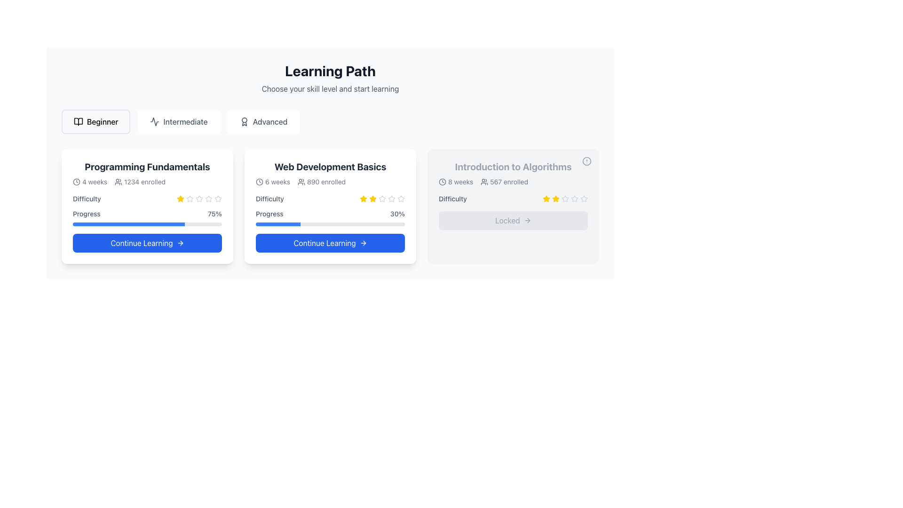  I want to click on the progress bar located in the 'Web Development Basics' card, which visually represents the progress of a task with 'Progress' on the left and '30%' on the right, so click(330, 217).